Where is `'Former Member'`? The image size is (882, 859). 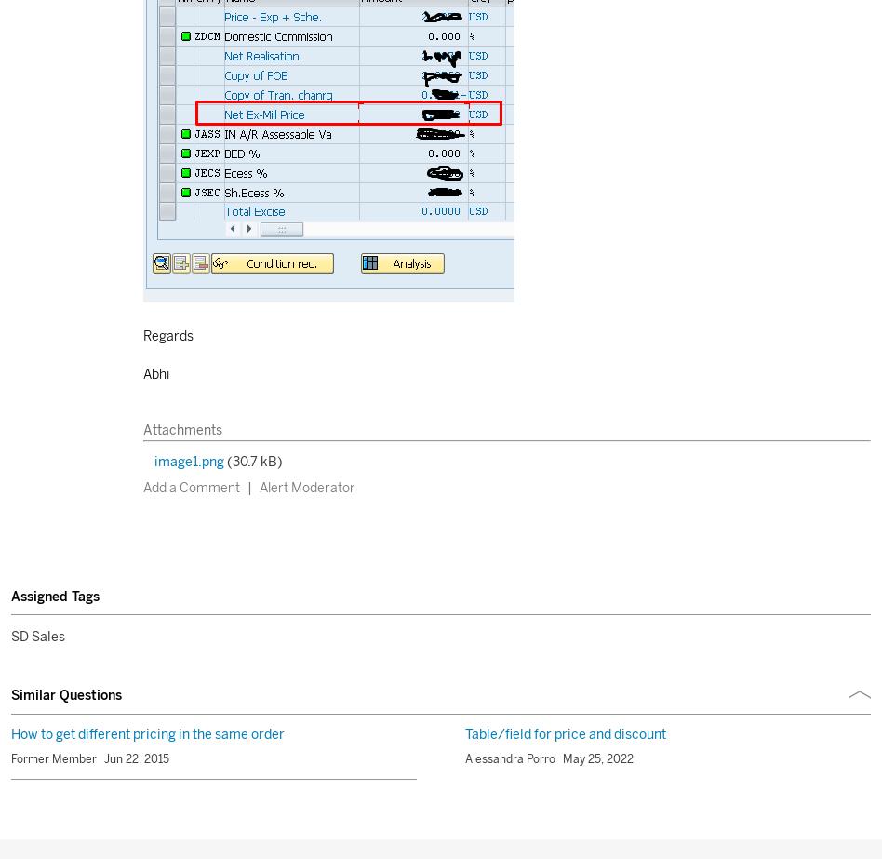 'Former Member' is located at coordinates (54, 758).